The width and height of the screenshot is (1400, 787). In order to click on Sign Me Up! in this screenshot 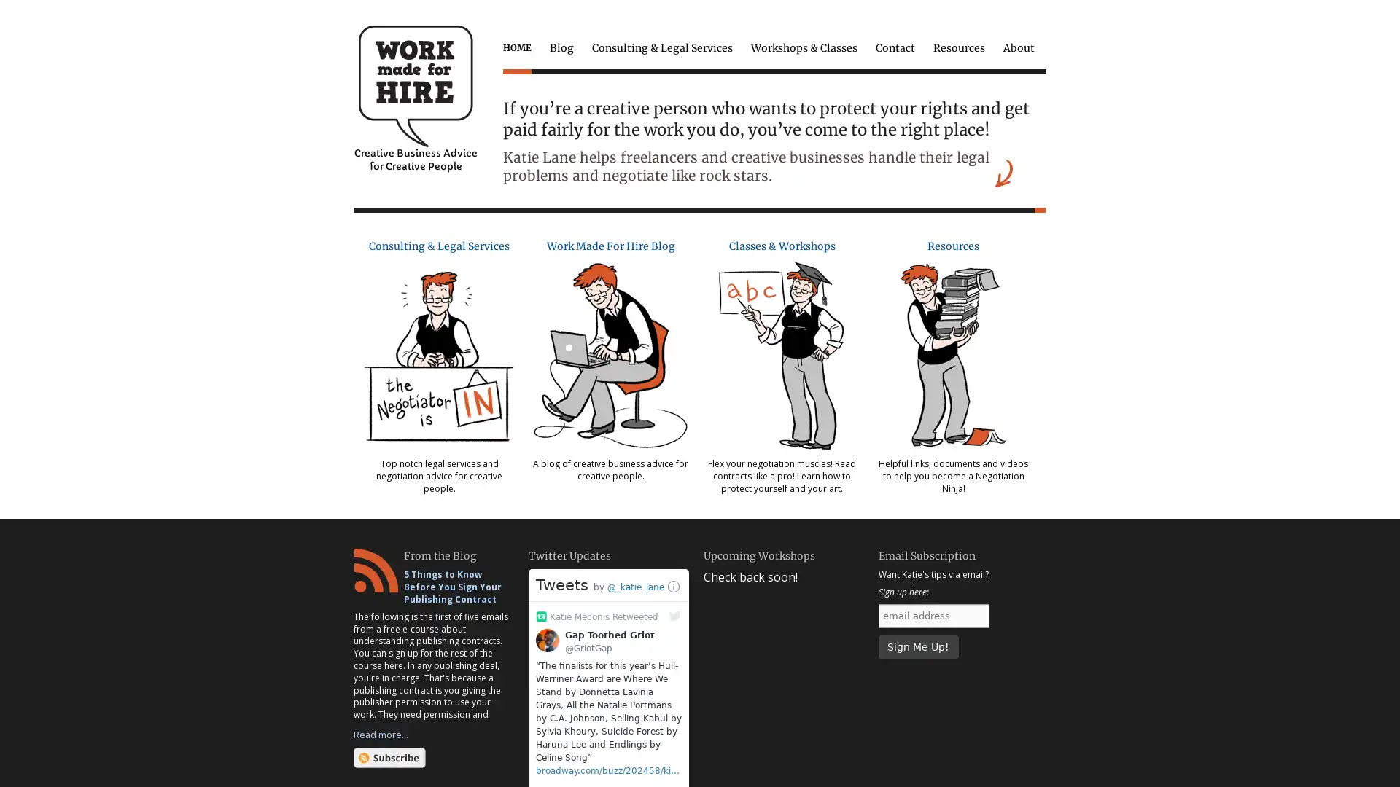, I will do `click(917, 646)`.